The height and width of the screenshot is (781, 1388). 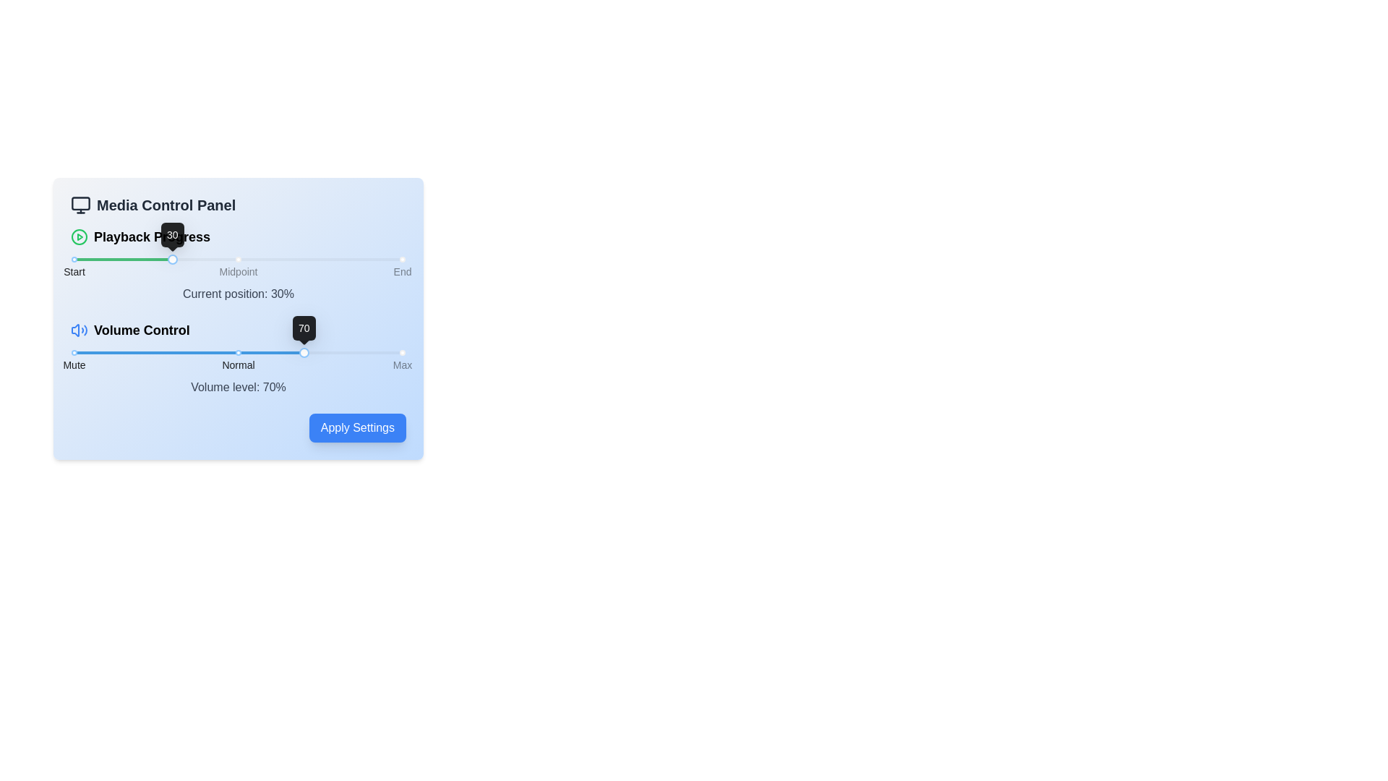 I want to click on playback progress, so click(x=83, y=258).